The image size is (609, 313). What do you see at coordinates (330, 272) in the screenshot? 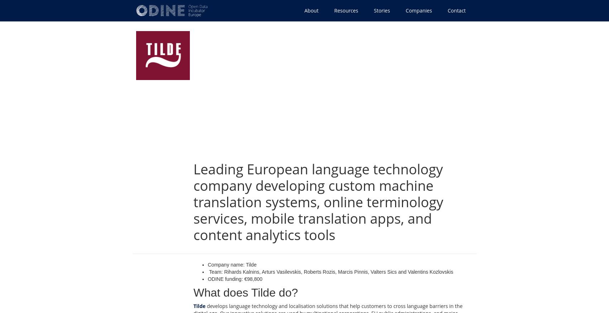
I see `'Team: Rihards Kalnins, Arturs Vasilevskis, Roberts Rozis, Marcis Pinnis, Valters Sics and Valentins Kozlovskis'` at bounding box center [330, 272].